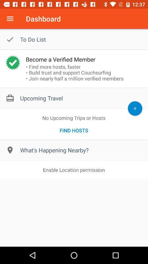  What do you see at coordinates (10, 19) in the screenshot?
I see `open menu` at bounding box center [10, 19].